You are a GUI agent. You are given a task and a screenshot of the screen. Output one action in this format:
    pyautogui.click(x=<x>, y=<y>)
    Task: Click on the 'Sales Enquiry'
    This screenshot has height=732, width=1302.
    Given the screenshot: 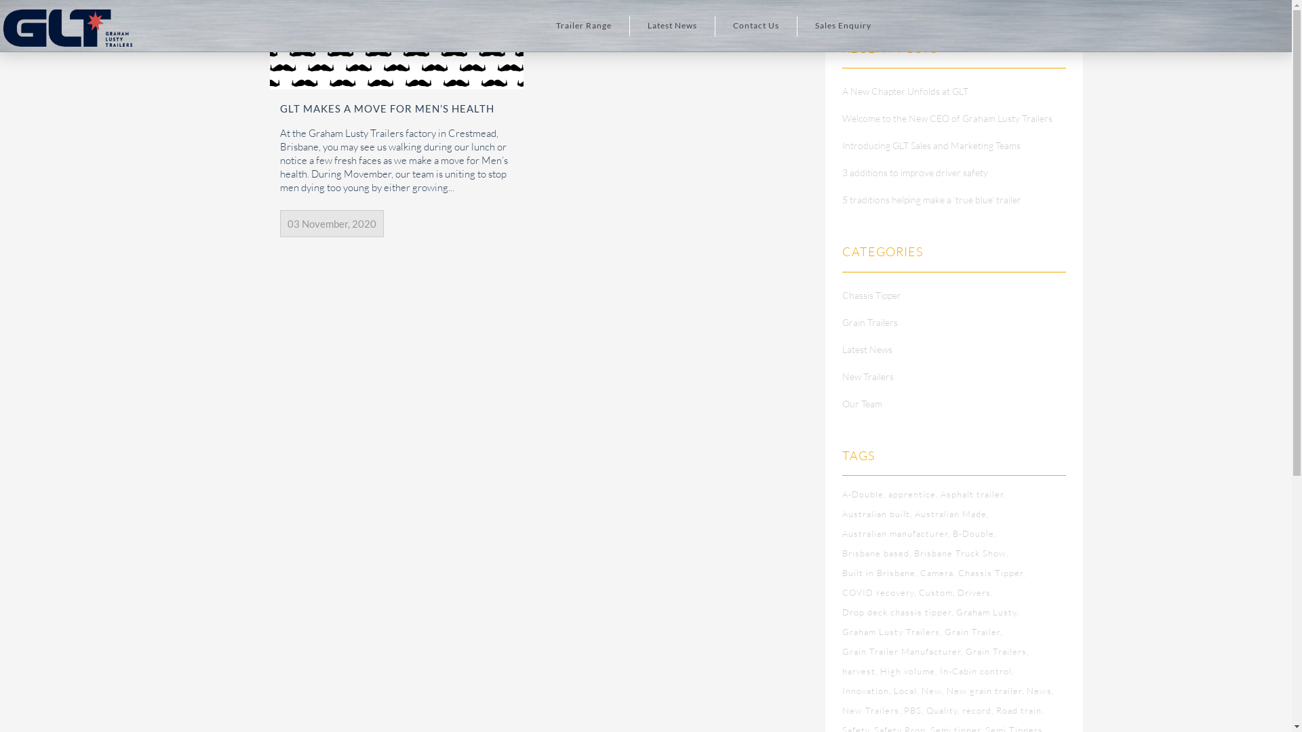 What is the action you would take?
    pyautogui.click(x=842, y=26)
    